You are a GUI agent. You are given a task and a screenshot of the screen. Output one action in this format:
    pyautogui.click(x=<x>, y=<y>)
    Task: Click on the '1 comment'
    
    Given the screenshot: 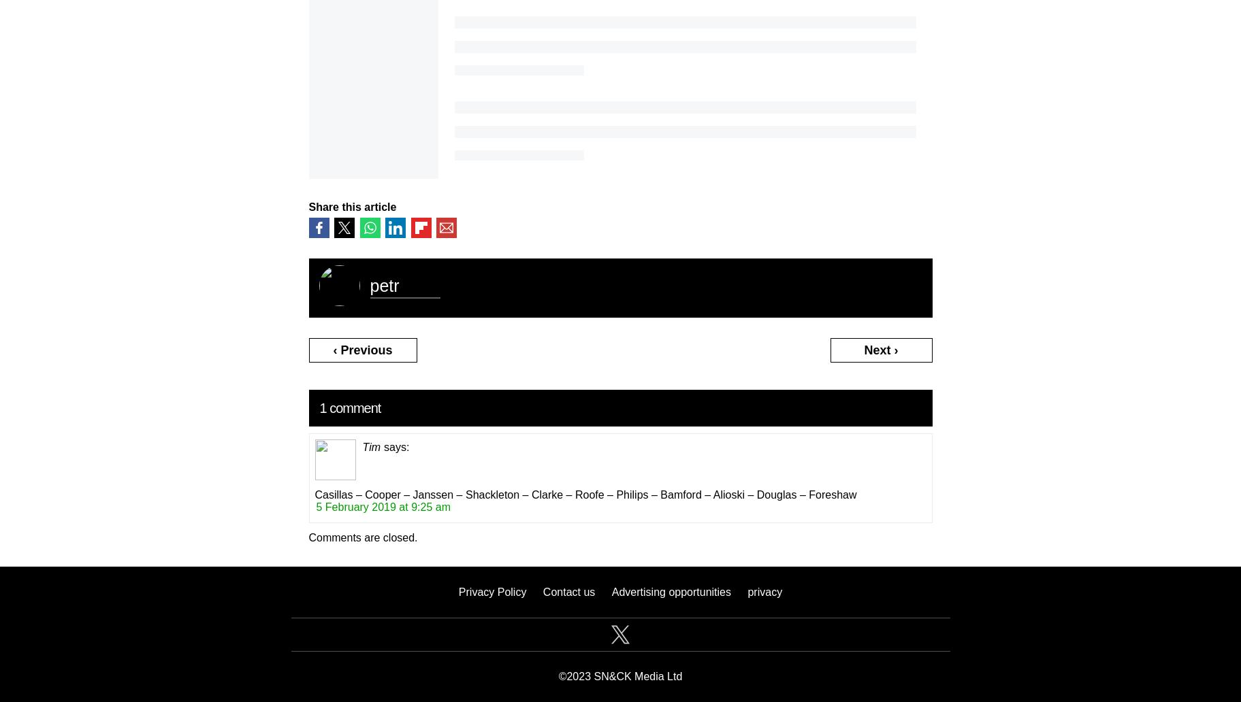 What is the action you would take?
    pyautogui.click(x=350, y=407)
    